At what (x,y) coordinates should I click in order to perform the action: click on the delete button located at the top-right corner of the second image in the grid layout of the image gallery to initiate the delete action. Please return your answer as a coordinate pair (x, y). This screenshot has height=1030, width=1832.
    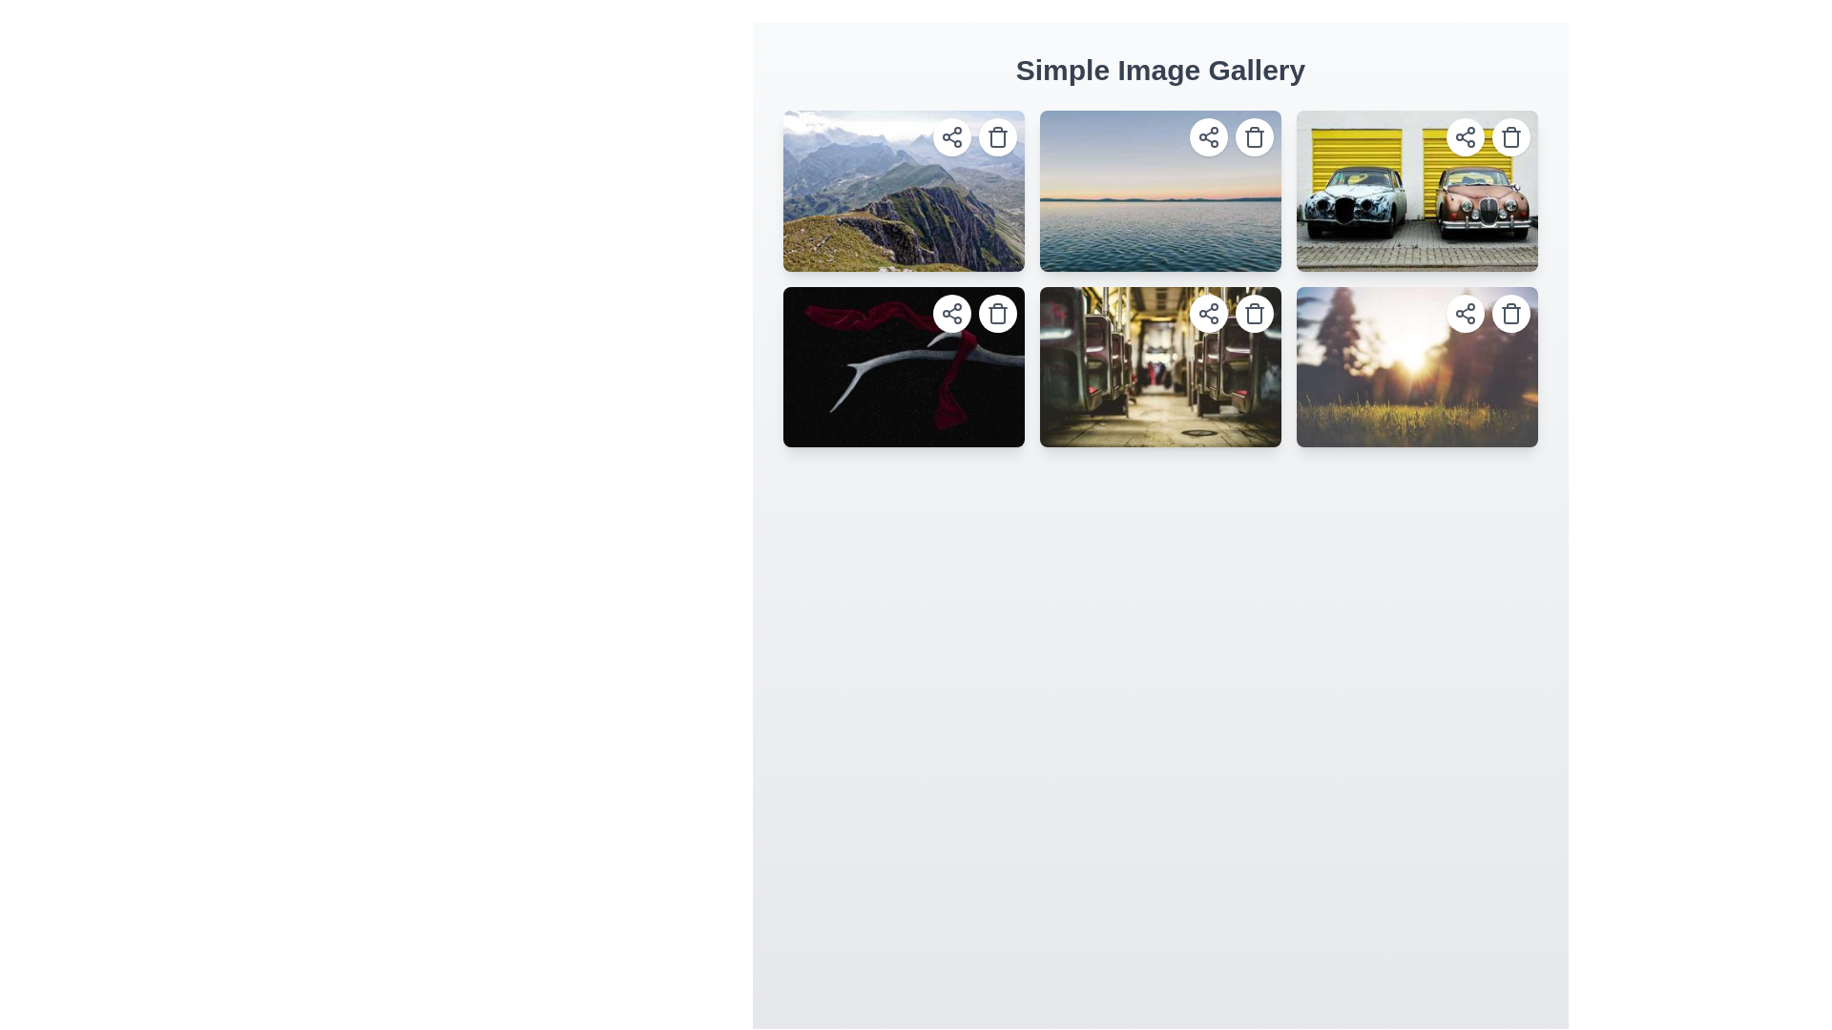
    Looking at the image, I should click on (1255, 135).